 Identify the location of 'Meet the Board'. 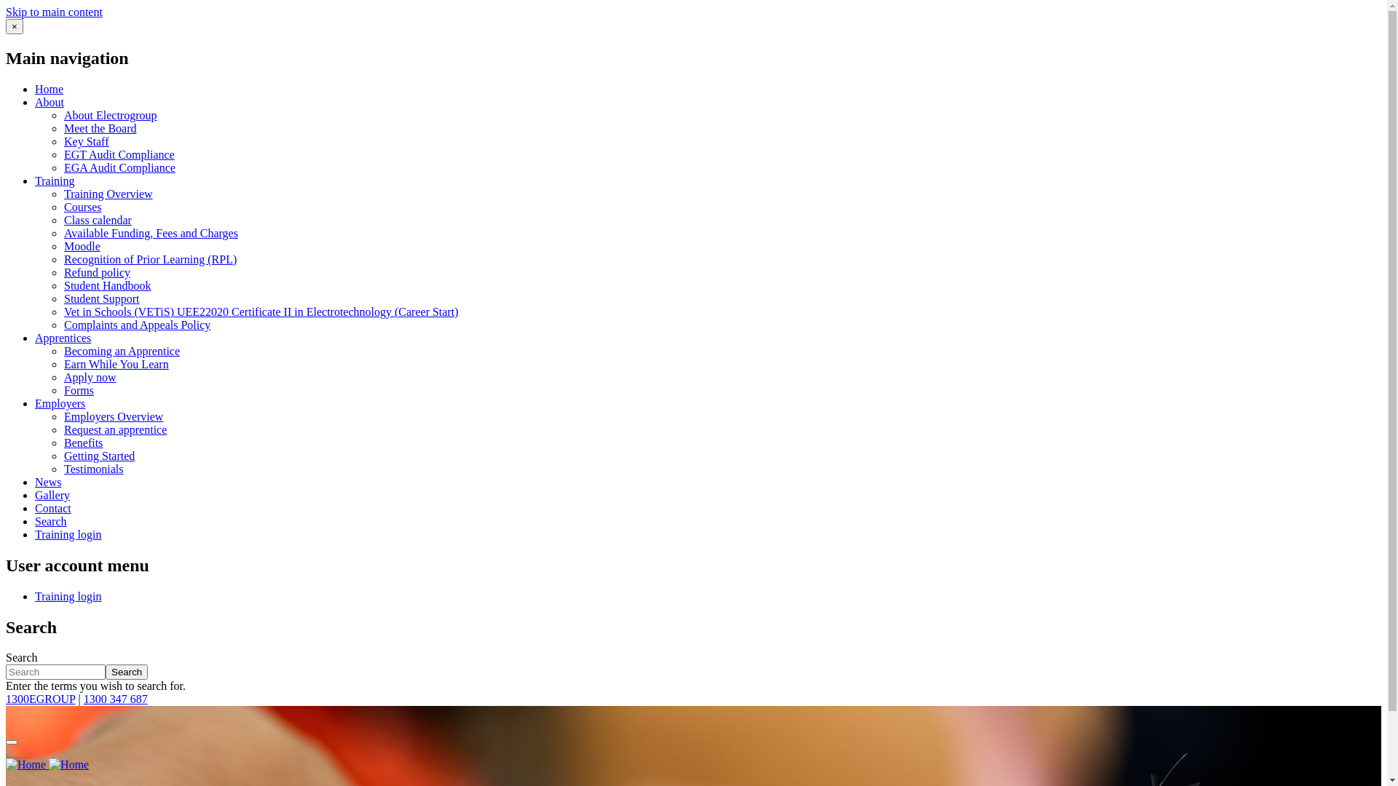
(63, 127).